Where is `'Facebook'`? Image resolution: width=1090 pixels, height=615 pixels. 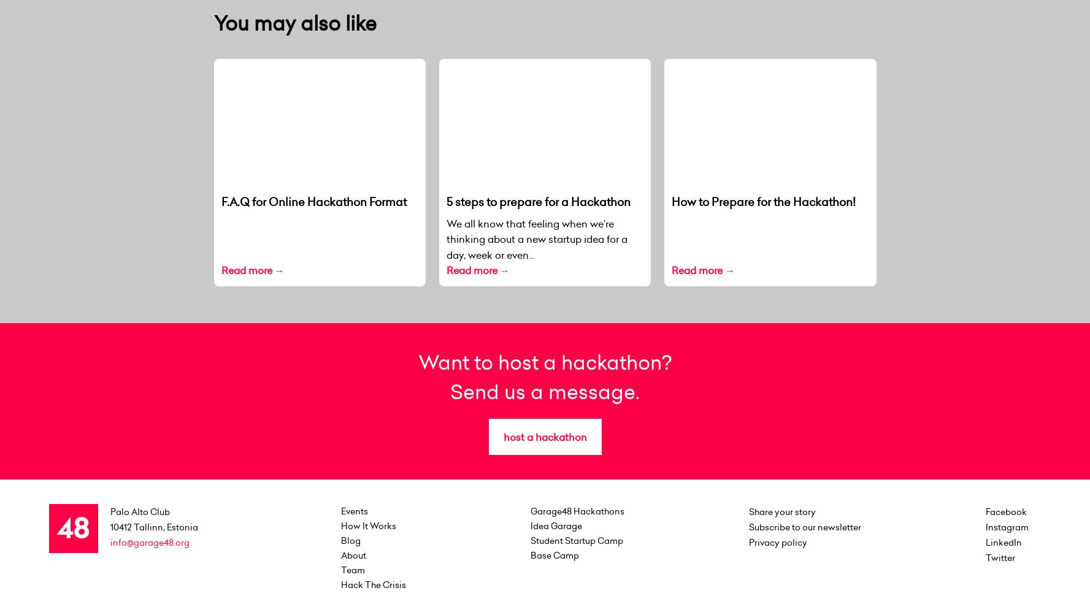
'Facebook' is located at coordinates (1006, 511).